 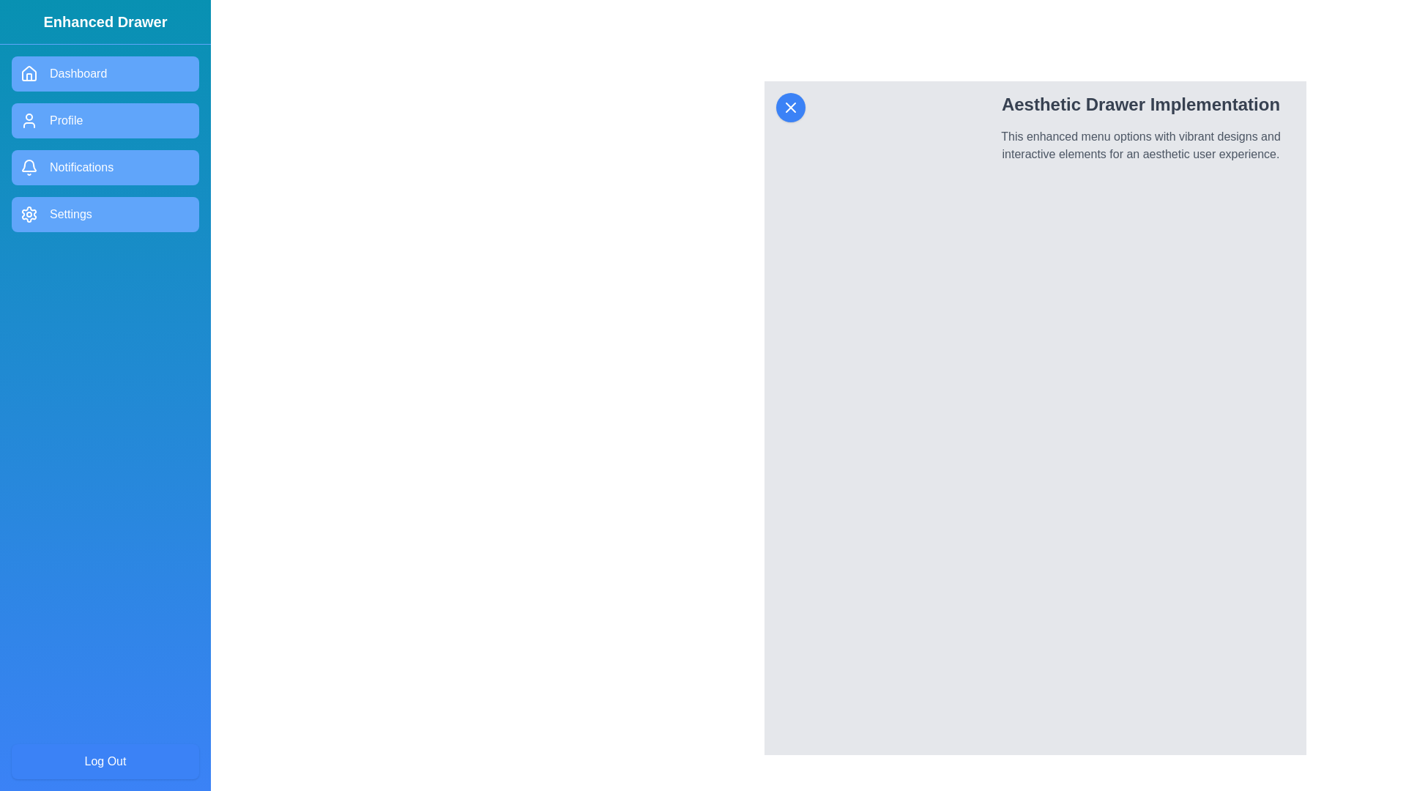 What do you see at coordinates (29, 73) in the screenshot?
I see `the leftmost icon (SVG) in the vertical navigation menu` at bounding box center [29, 73].